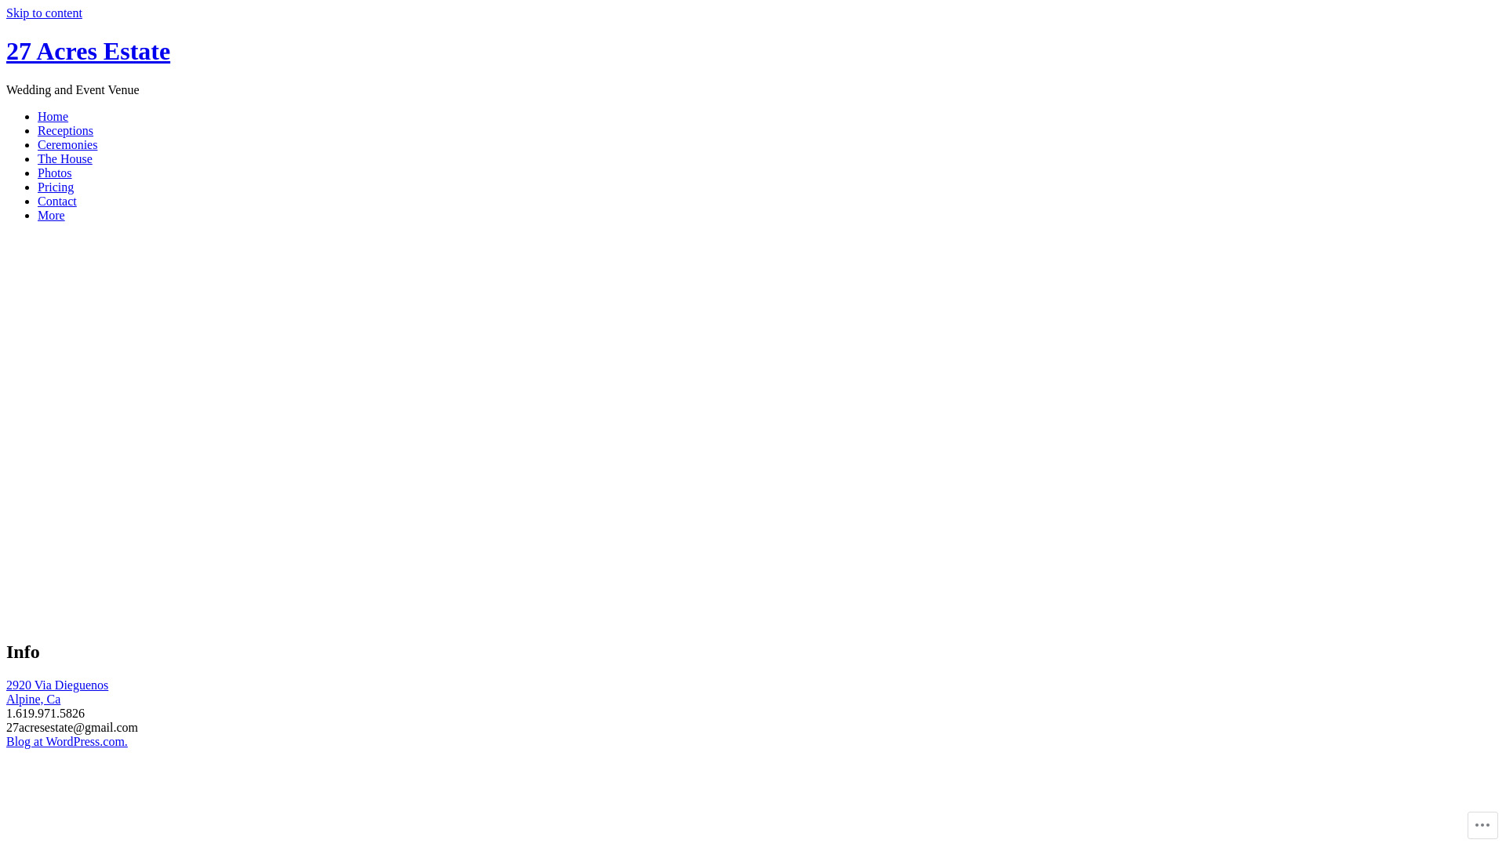 The image size is (1506, 847). What do you see at coordinates (38, 186) in the screenshot?
I see `'Pricing'` at bounding box center [38, 186].